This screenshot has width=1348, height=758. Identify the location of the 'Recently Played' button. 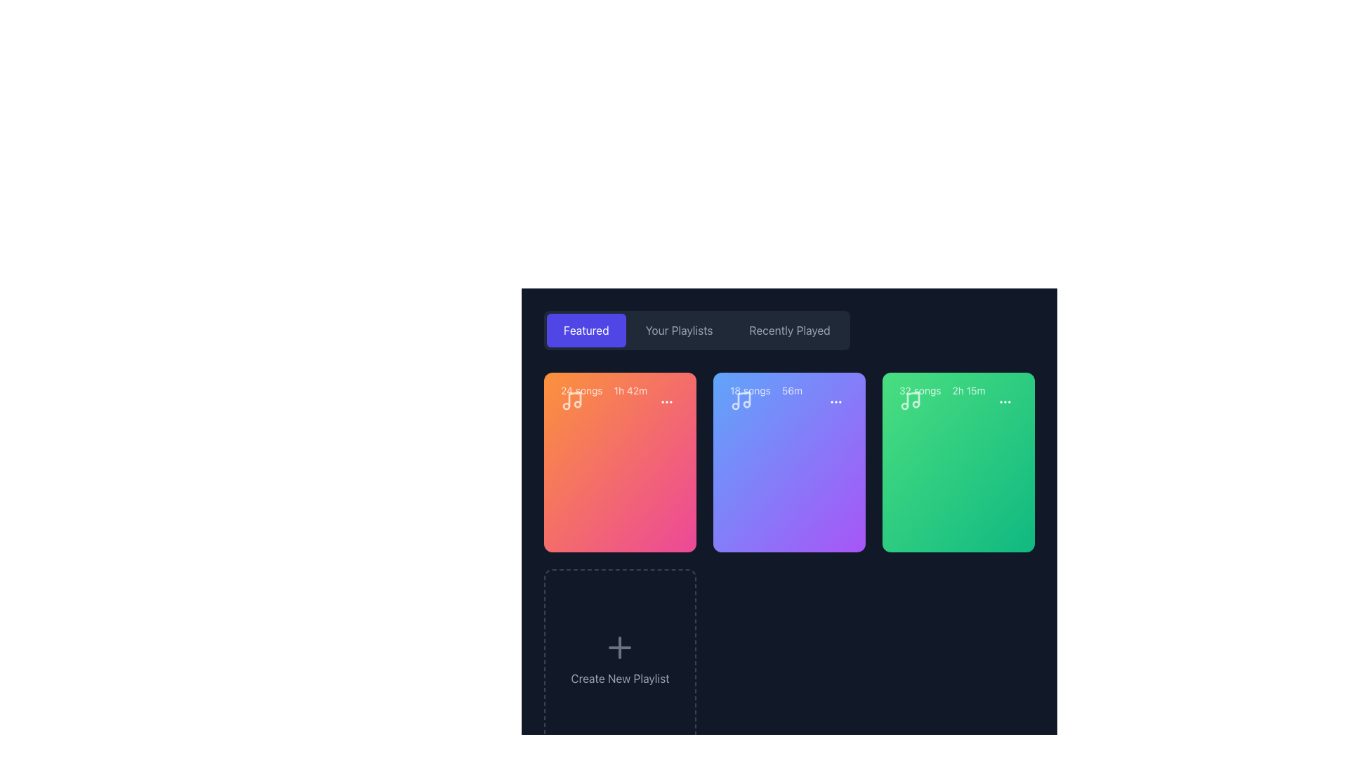
(790, 330).